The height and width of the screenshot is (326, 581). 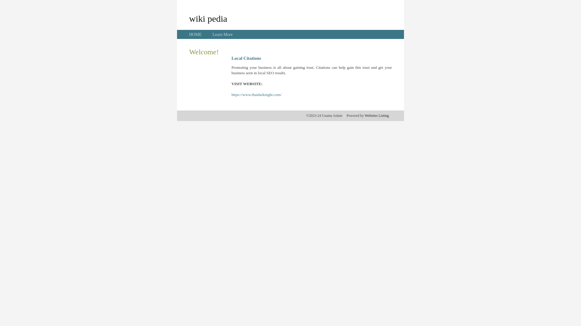 What do you see at coordinates (376, 115) in the screenshot?
I see `'Websites Listing'` at bounding box center [376, 115].